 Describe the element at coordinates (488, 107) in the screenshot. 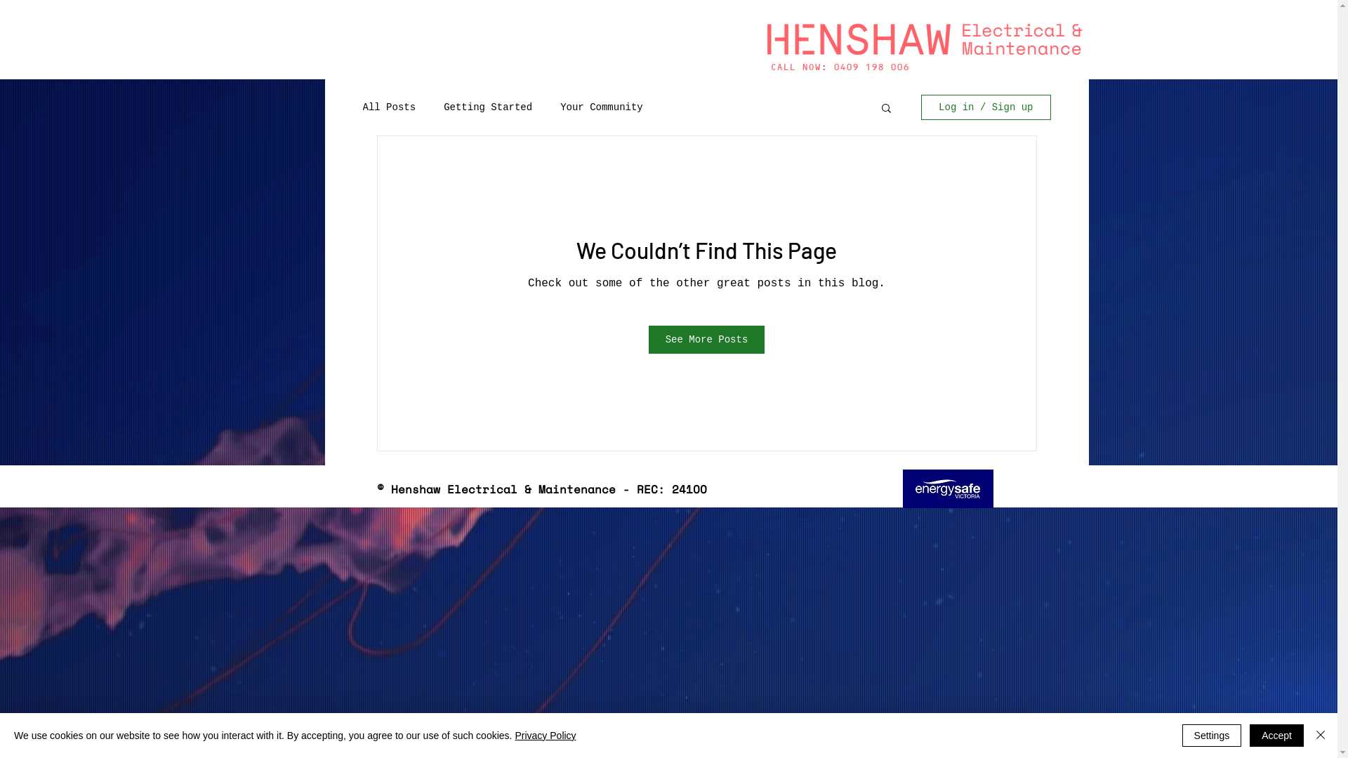

I see `'Getting Started'` at that location.